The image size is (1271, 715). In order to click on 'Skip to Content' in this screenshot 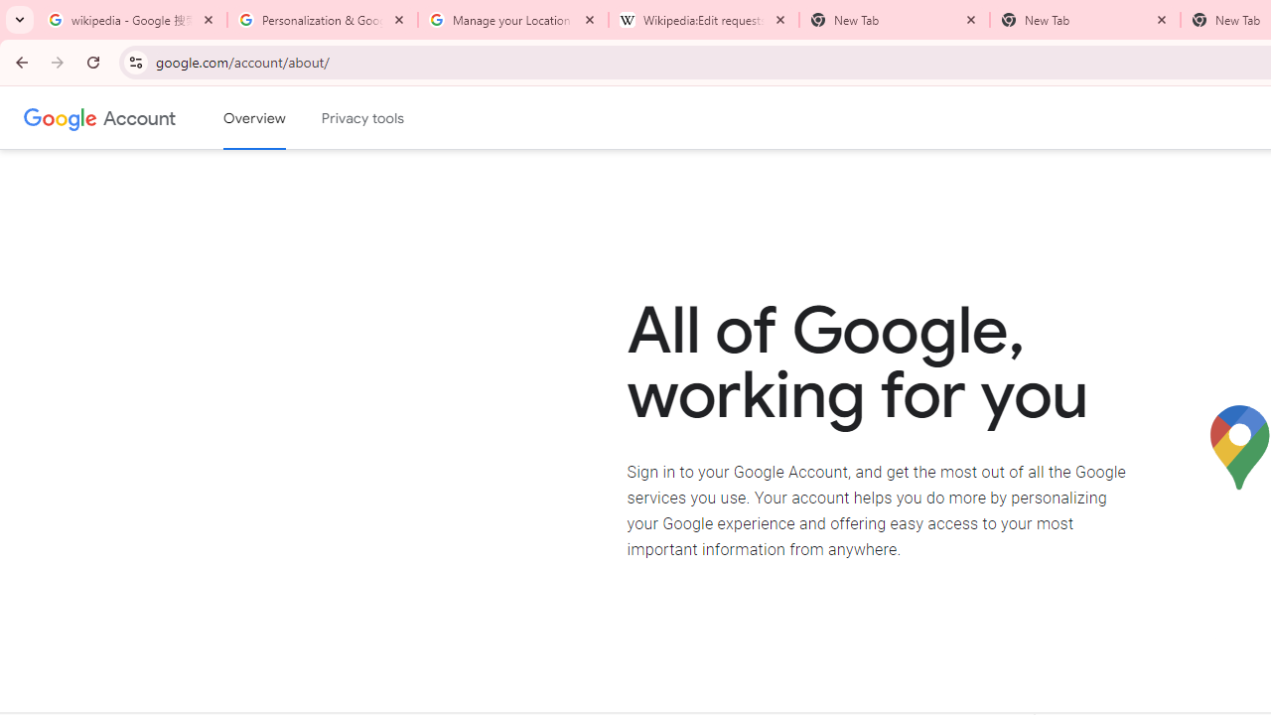, I will do `click(282, 115)`.